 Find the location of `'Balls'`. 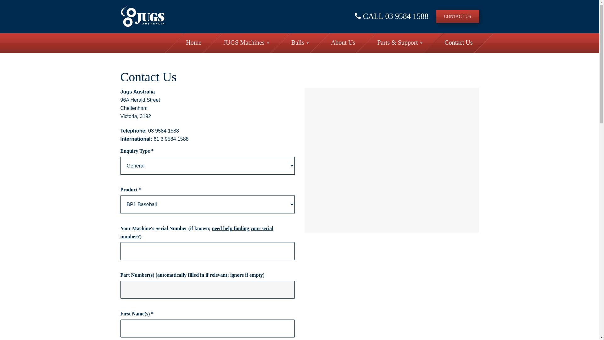

'Balls' is located at coordinates (300, 43).